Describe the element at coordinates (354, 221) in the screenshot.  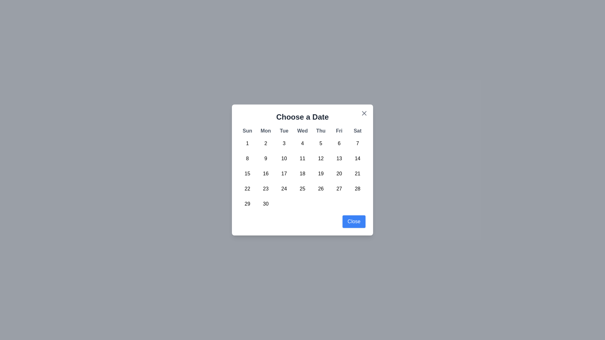
I see `the 'Close' button to close the dialog` at that location.